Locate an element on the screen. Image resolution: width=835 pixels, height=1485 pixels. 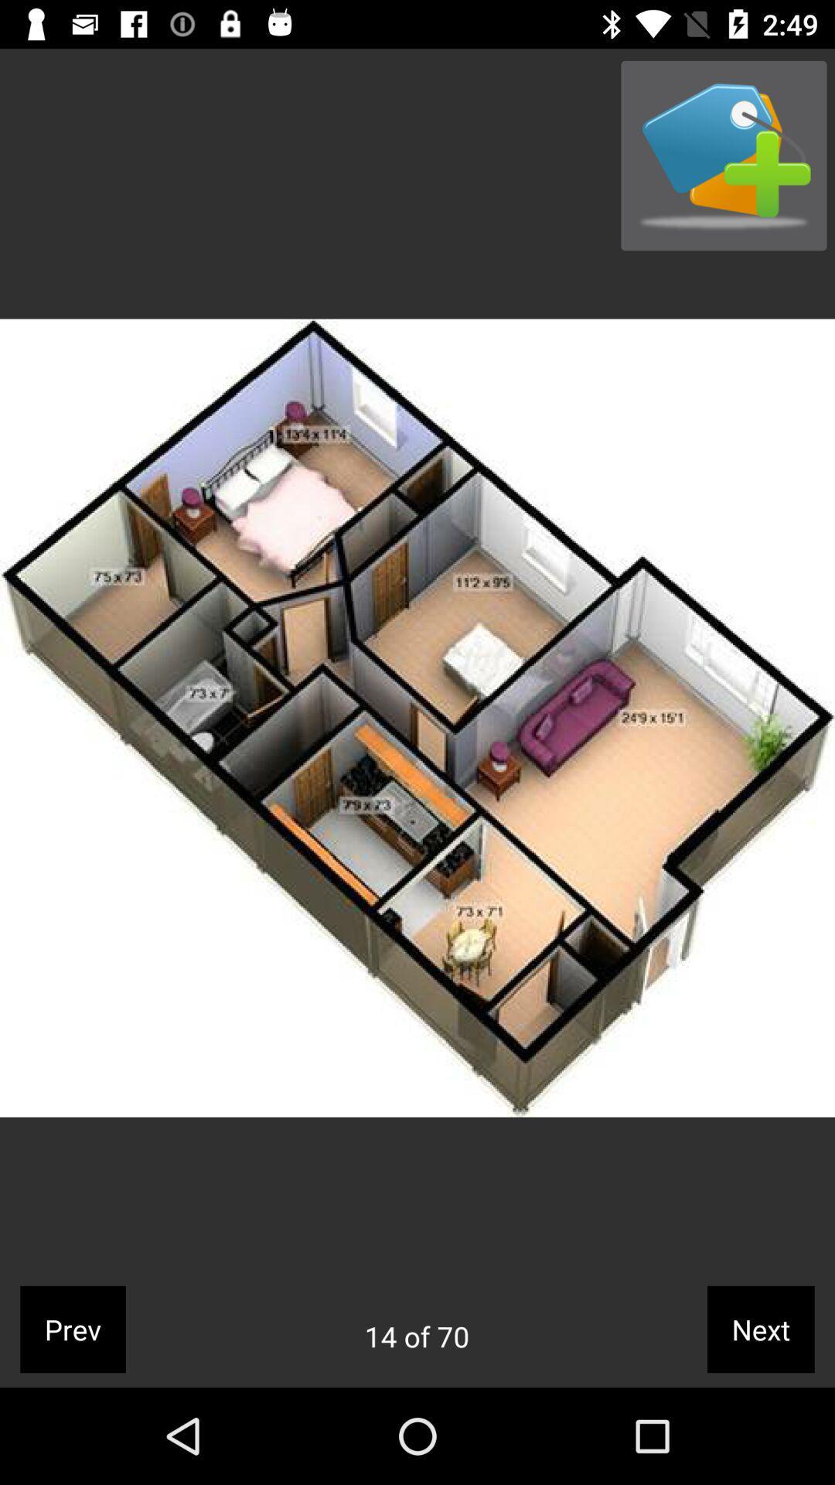
the icon to the left of the 14 of 70 app is located at coordinates (73, 1328).